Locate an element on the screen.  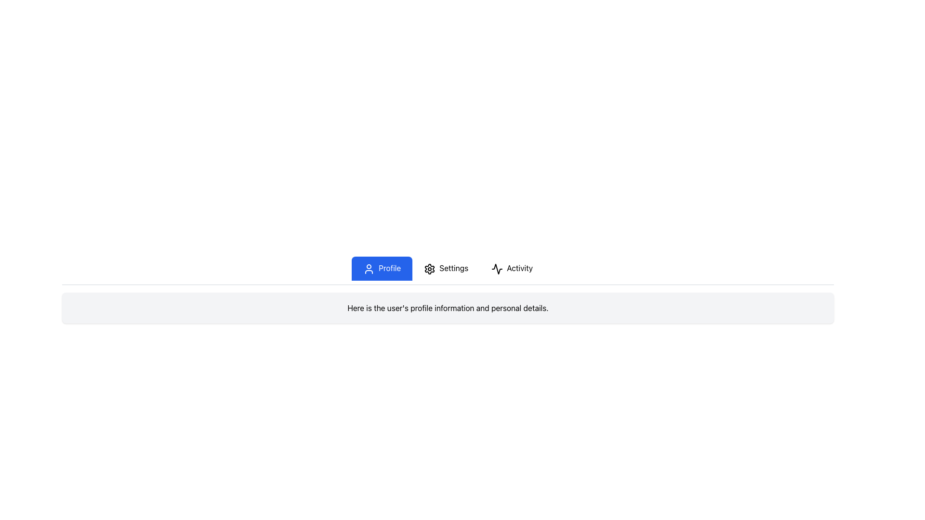
the visual design of the decorative icon located adjacent to the 'Activity' text in the navigation row of the 'Activity' tab is located at coordinates (497, 269).